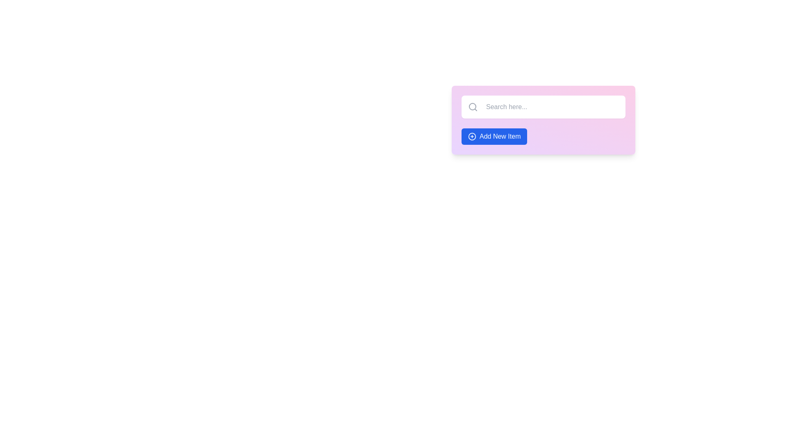 This screenshot has height=443, width=787. What do you see at coordinates (473, 107) in the screenshot?
I see `the magnifying glass icon on the left side of the input field` at bounding box center [473, 107].